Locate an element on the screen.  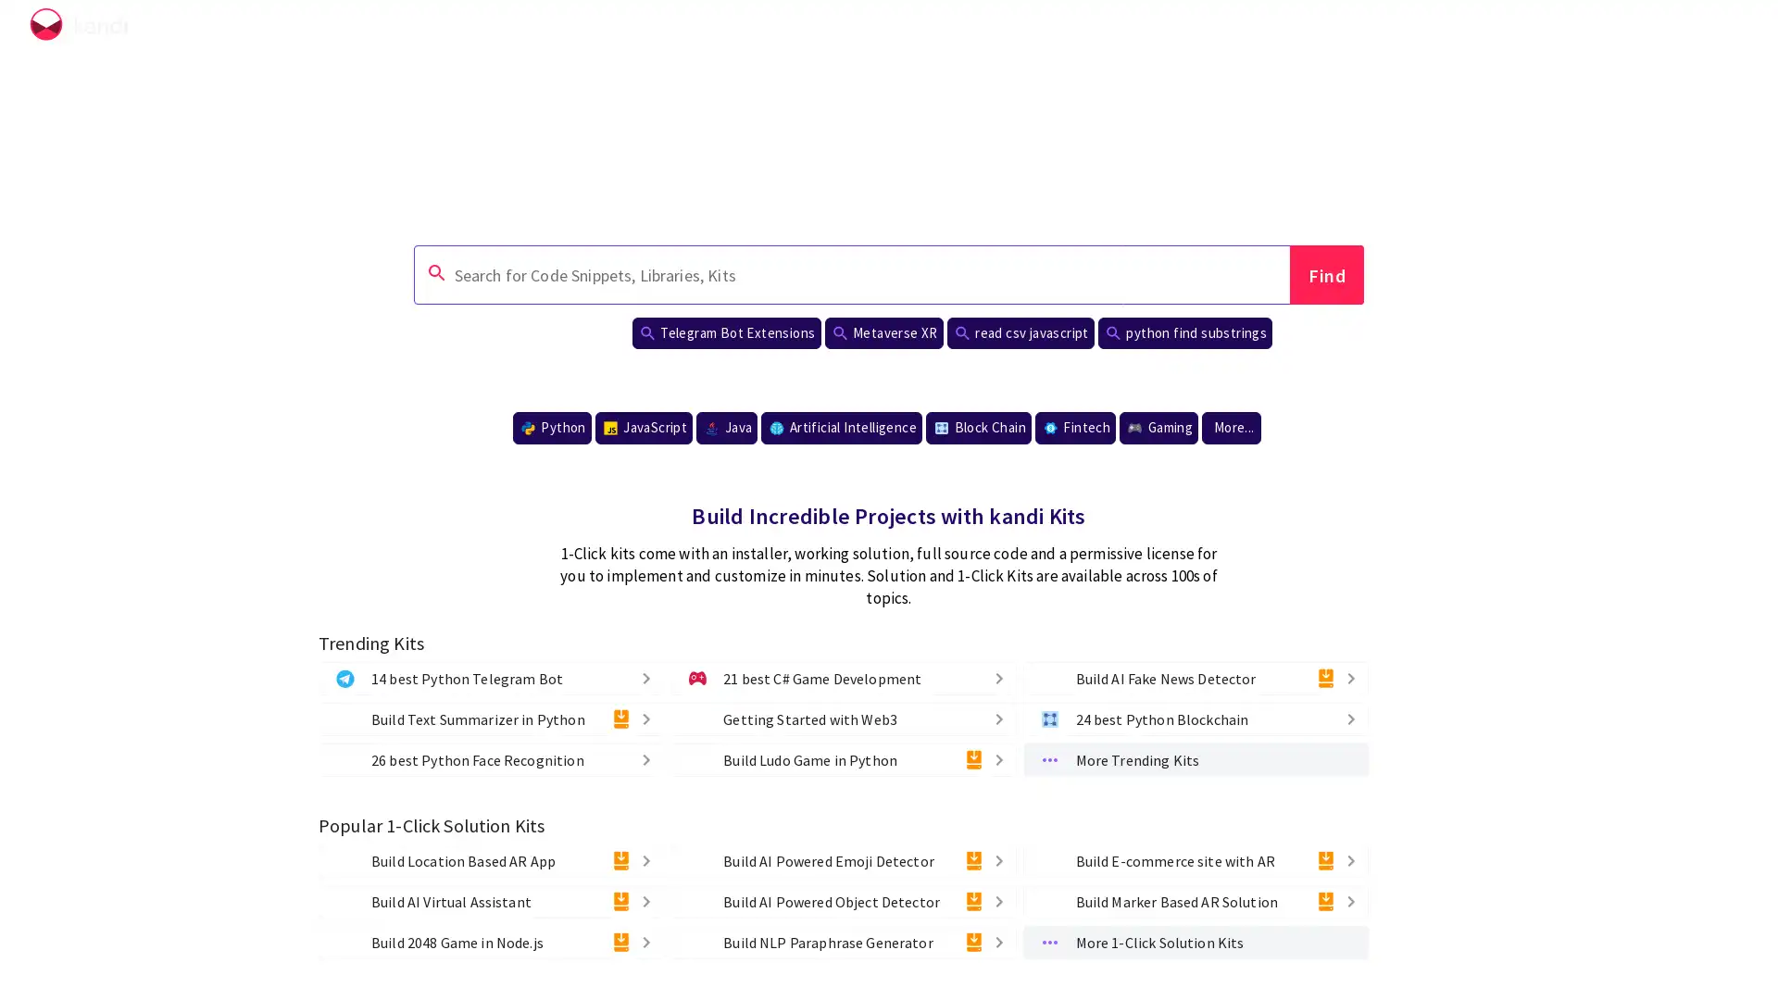
More 1-Click Solution Kits is located at coordinates (1195, 942).